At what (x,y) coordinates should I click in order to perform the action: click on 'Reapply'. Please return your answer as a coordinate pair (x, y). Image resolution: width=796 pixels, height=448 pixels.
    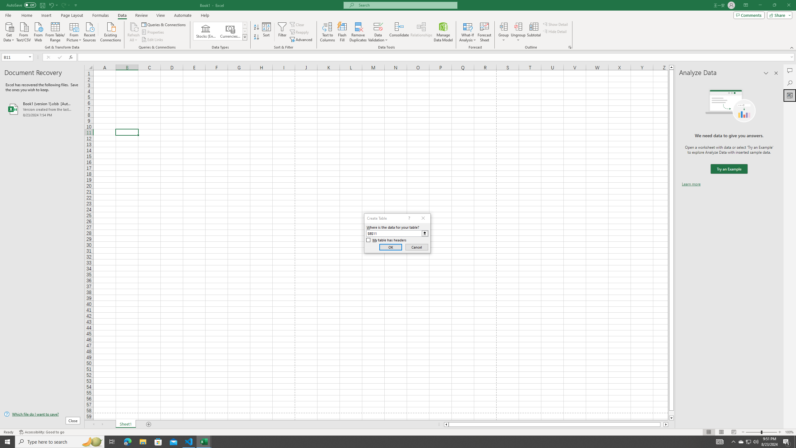
    Looking at the image, I should click on (300, 32).